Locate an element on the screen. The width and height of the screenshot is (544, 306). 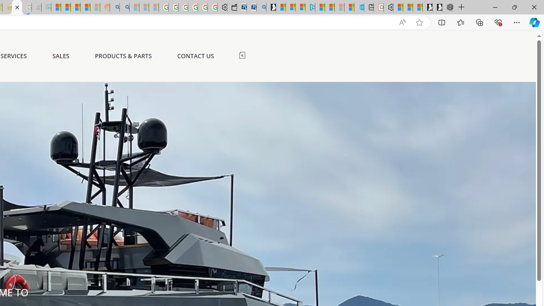
'Bing Real Estate - Home sales and rental listings' is located at coordinates (261, 7).